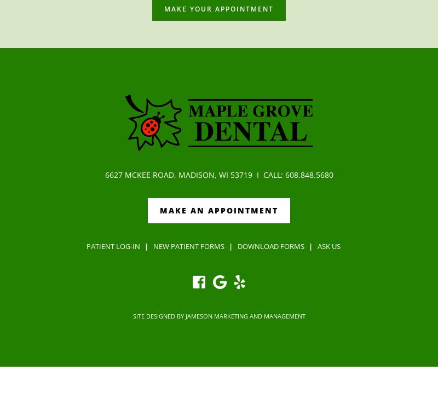  What do you see at coordinates (328, 245) in the screenshot?
I see `'Ask Us'` at bounding box center [328, 245].